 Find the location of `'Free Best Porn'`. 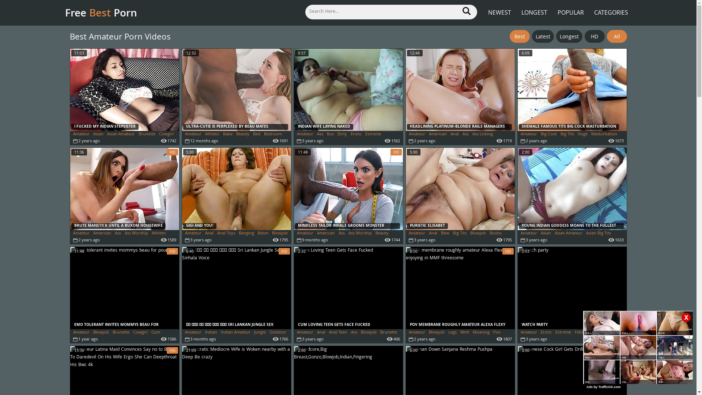

'Free Best Porn' is located at coordinates (65, 12).